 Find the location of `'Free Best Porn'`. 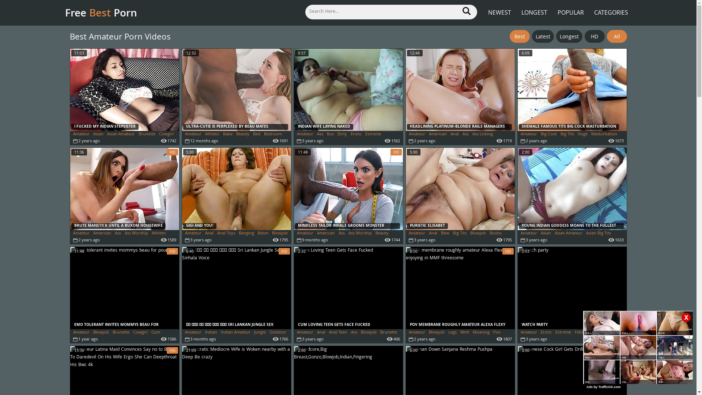

'Free Best Porn' is located at coordinates (65, 12).